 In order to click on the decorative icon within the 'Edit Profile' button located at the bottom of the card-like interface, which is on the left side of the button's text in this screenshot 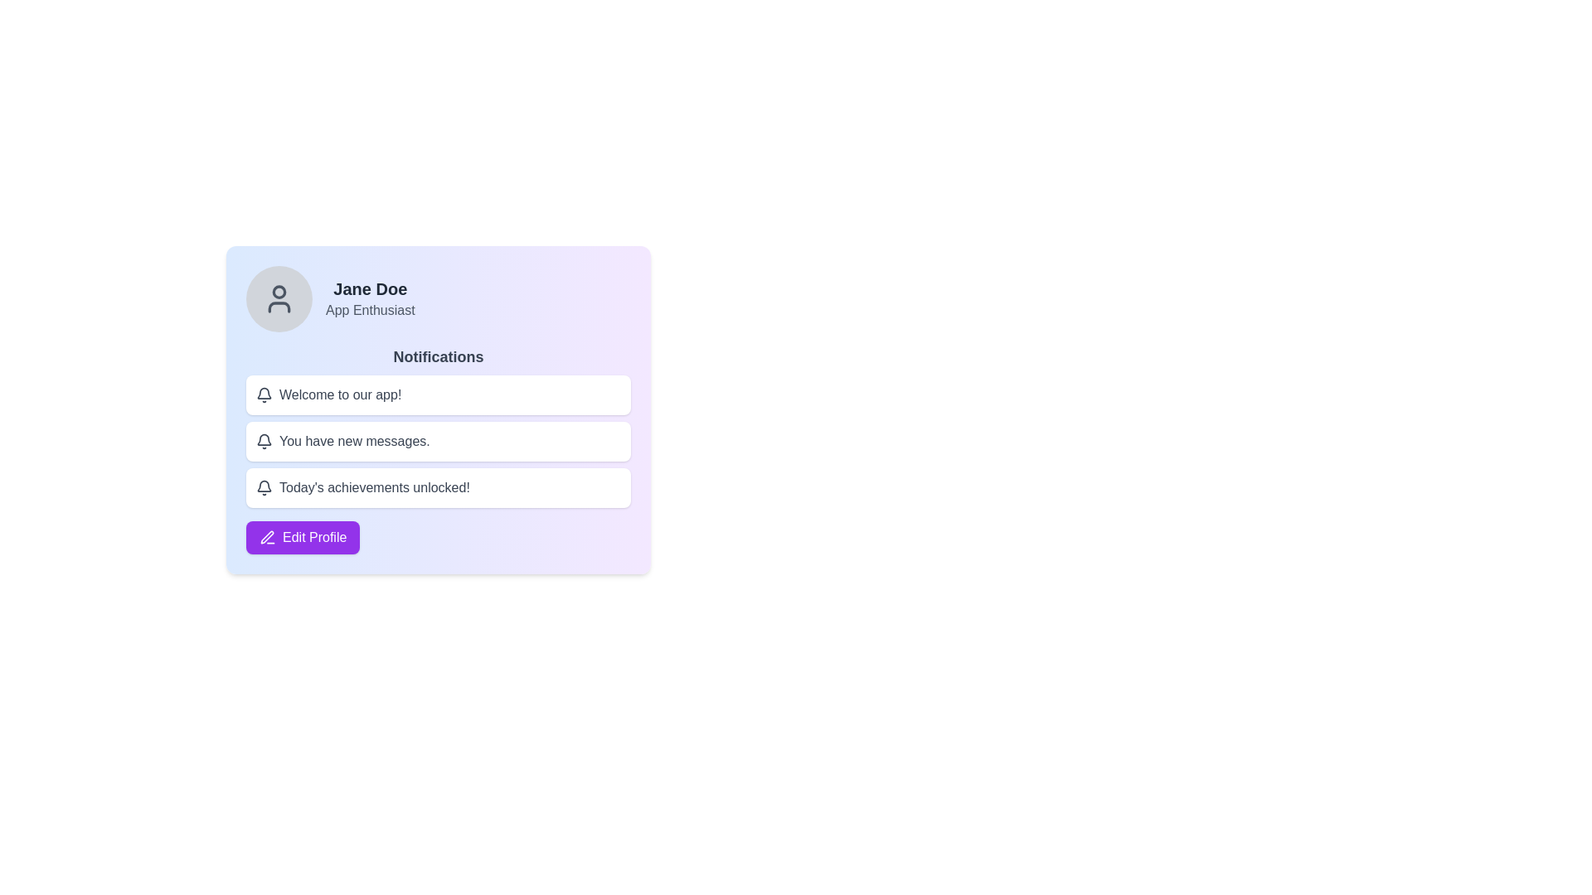, I will do `click(267, 537)`.